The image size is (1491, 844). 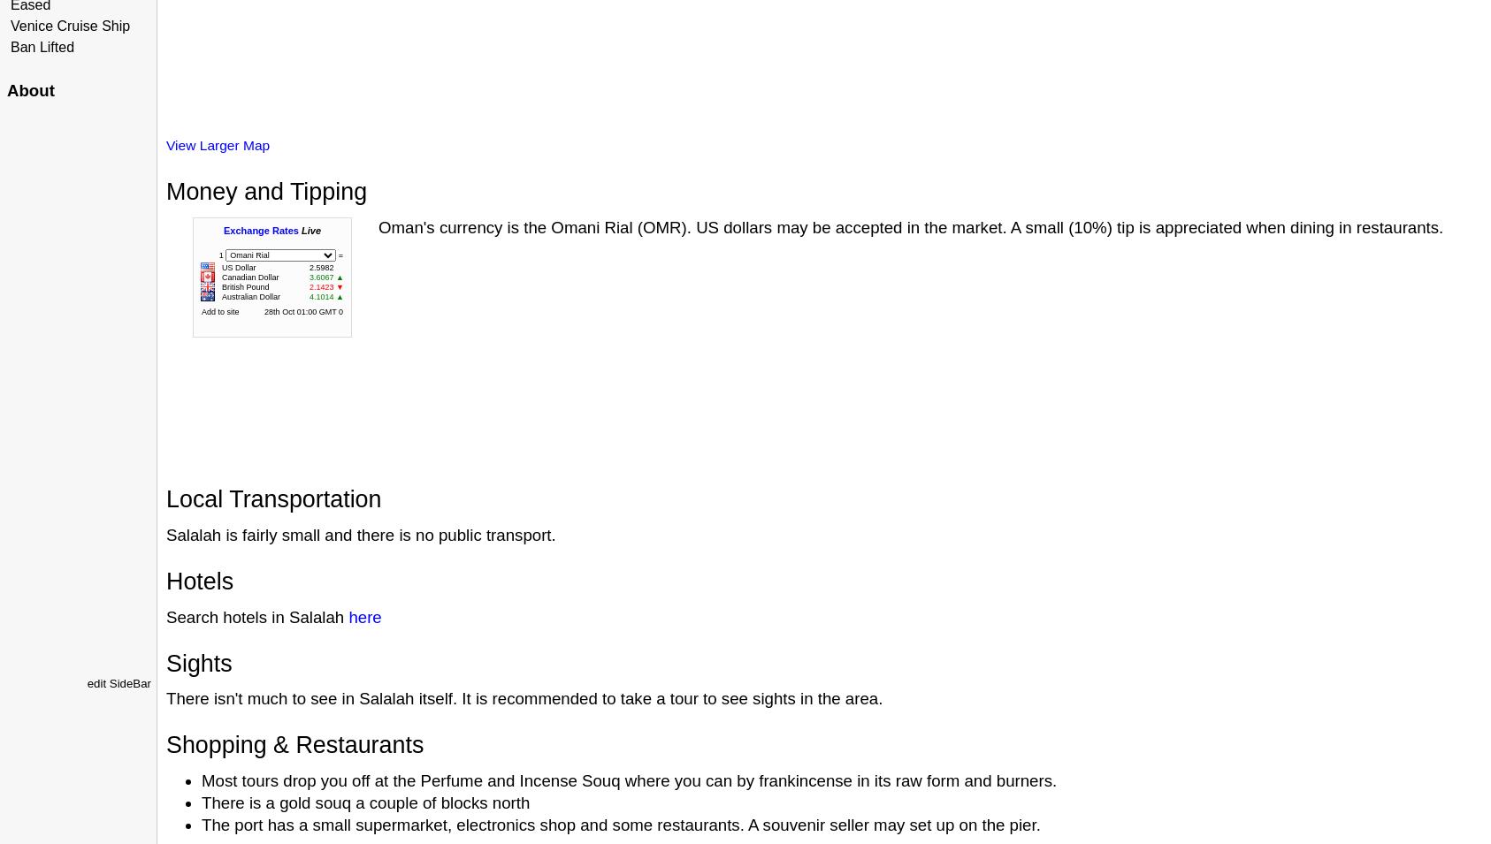 What do you see at coordinates (218, 145) in the screenshot?
I see `'View Larger Map'` at bounding box center [218, 145].